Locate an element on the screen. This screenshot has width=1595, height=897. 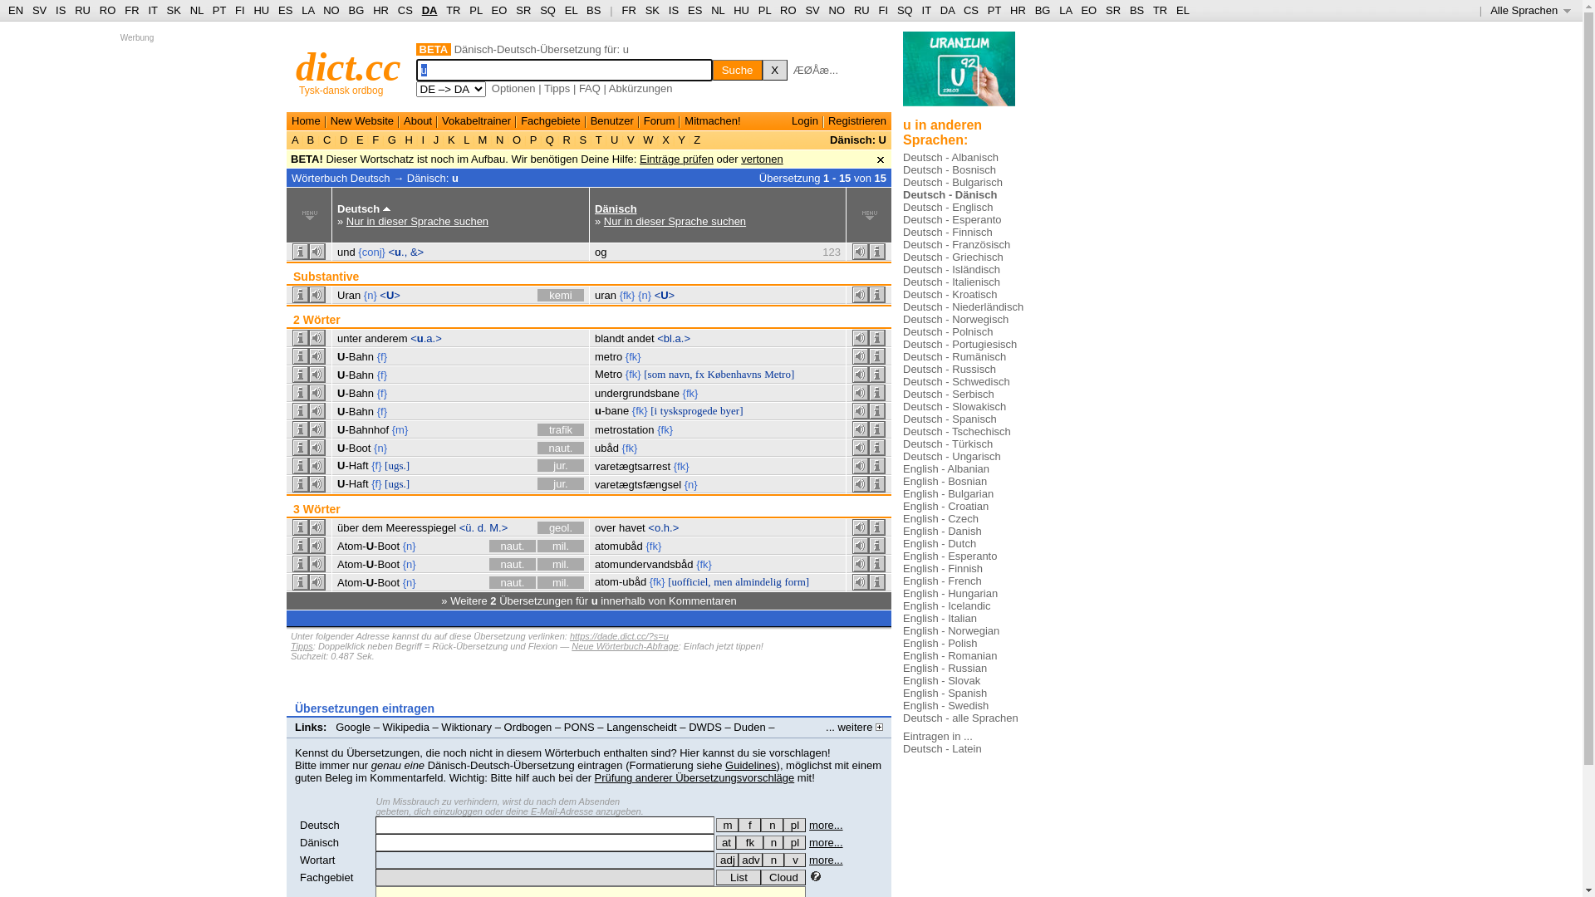
'at' is located at coordinates (725, 842).